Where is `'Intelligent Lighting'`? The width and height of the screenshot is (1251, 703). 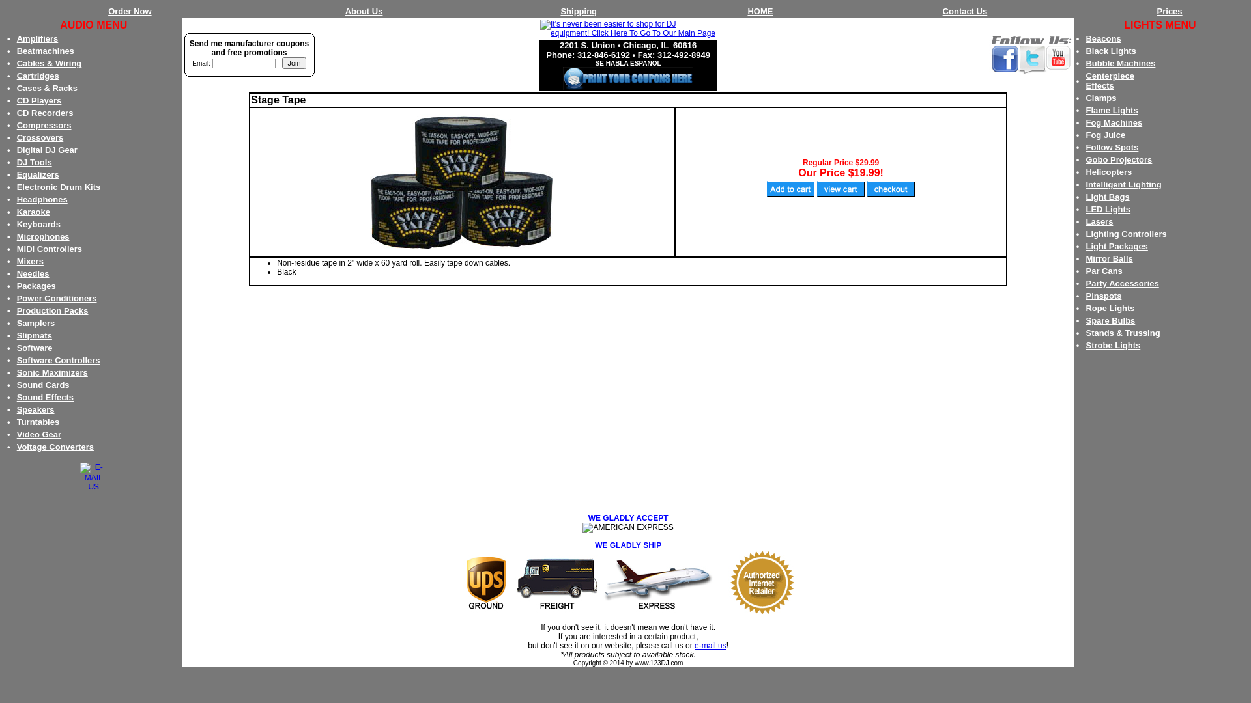
'Intelligent Lighting' is located at coordinates (1122, 184).